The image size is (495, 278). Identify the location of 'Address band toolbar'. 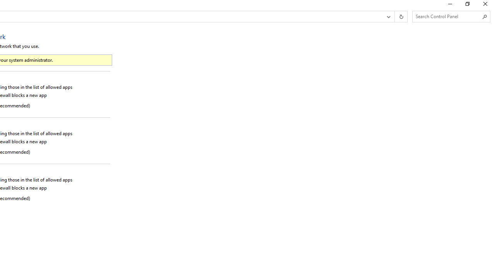
(394, 17).